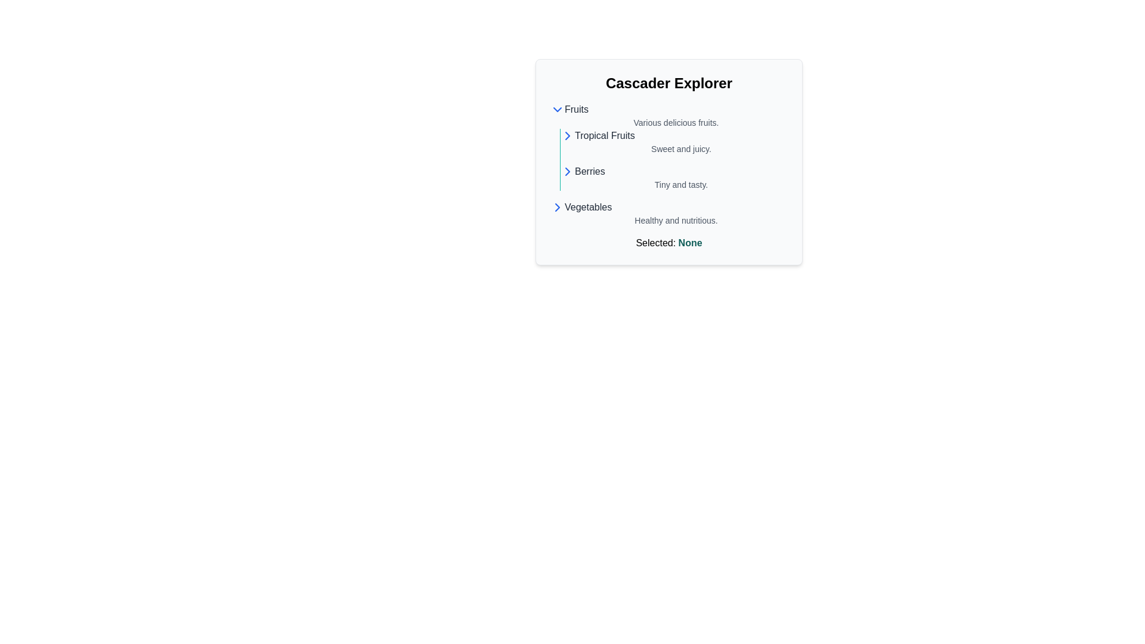 Image resolution: width=1145 pixels, height=644 pixels. What do you see at coordinates (557, 110) in the screenshot?
I see `the Icon button located to the immediate left of the text 'Fruits'` at bounding box center [557, 110].